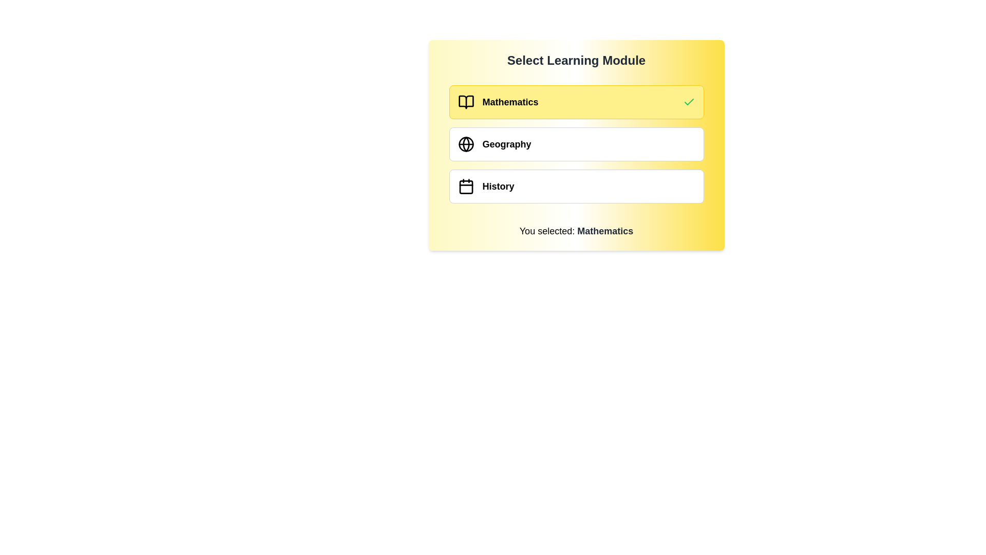  Describe the element at coordinates (465, 102) in the screenshot. I see `the open book icon located to the left of the 'Mathematics' label in the highlighted option of the learning modules list` at that location.